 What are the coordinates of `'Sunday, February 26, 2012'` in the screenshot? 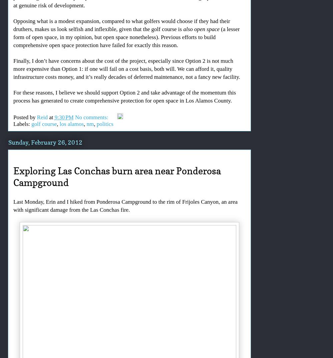 It's located at (45, 142).